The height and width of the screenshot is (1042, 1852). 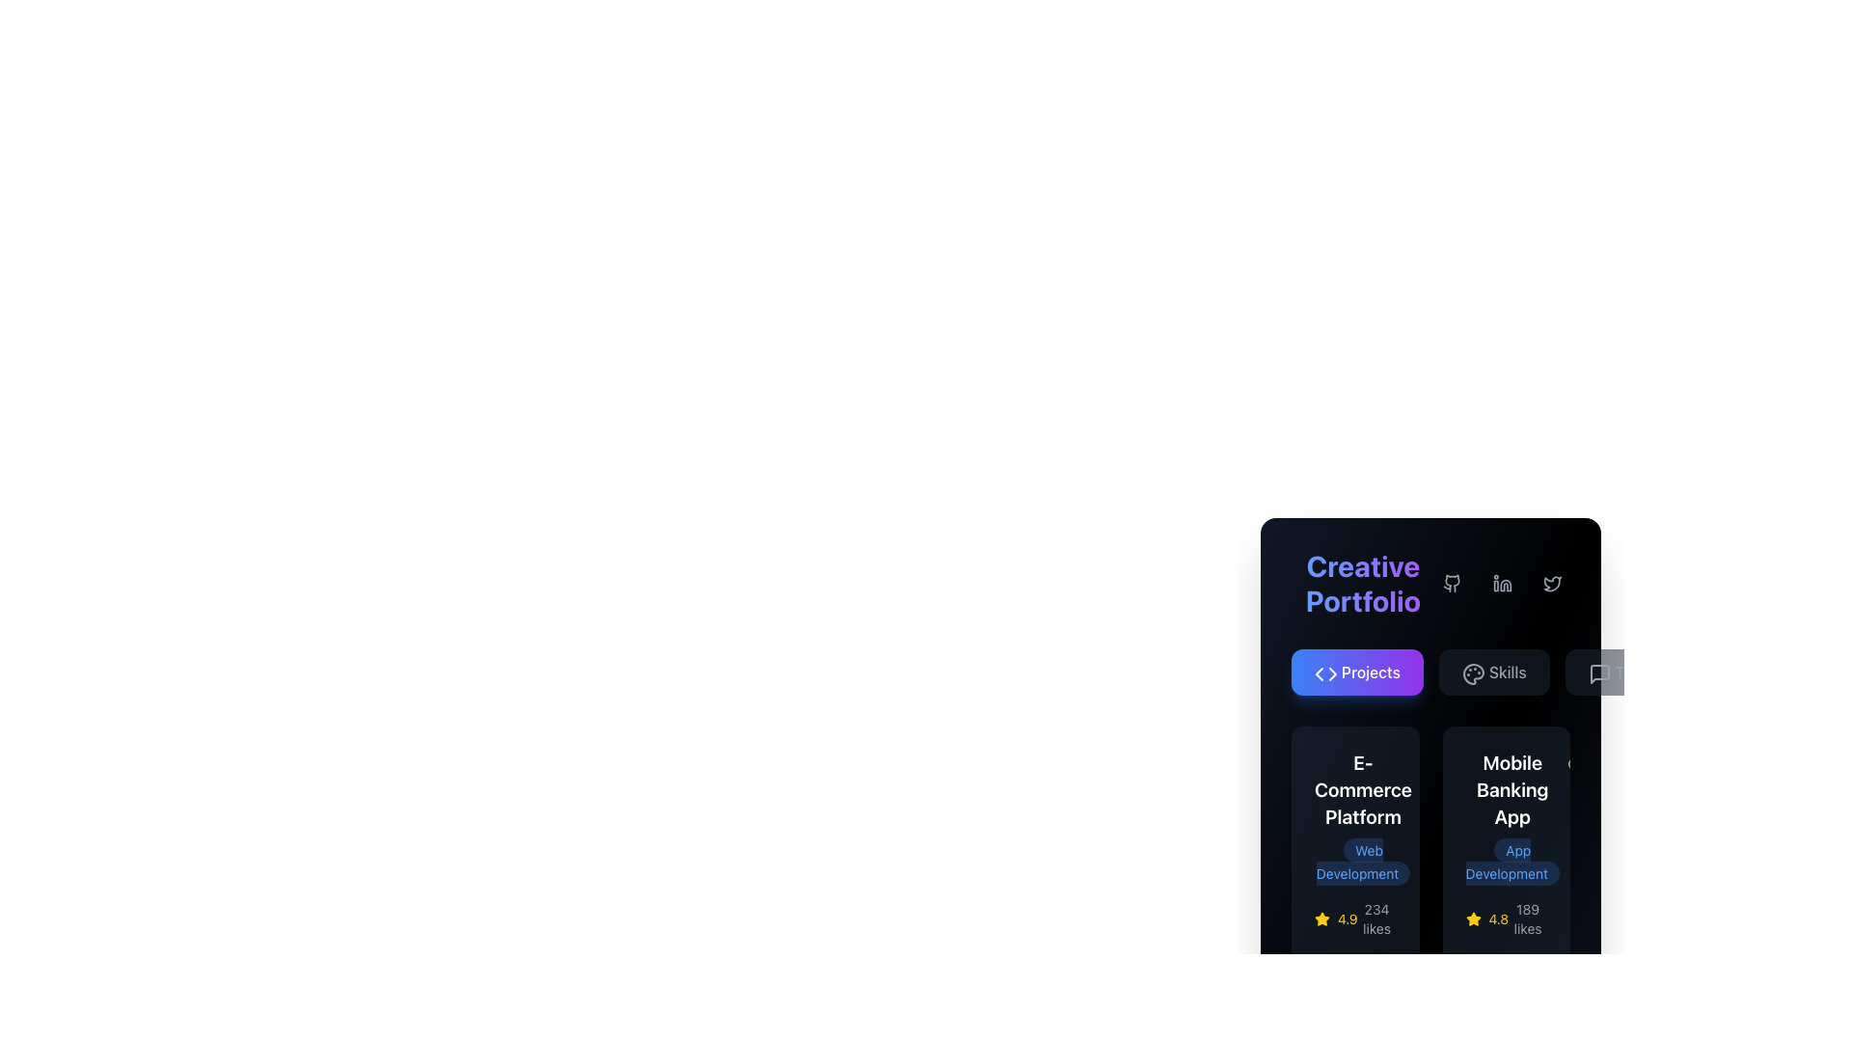 What do you see at coordinates (1507, 672) in the screenshot?
I see `the 'Skills' button` at bounding box center [1507, 672].